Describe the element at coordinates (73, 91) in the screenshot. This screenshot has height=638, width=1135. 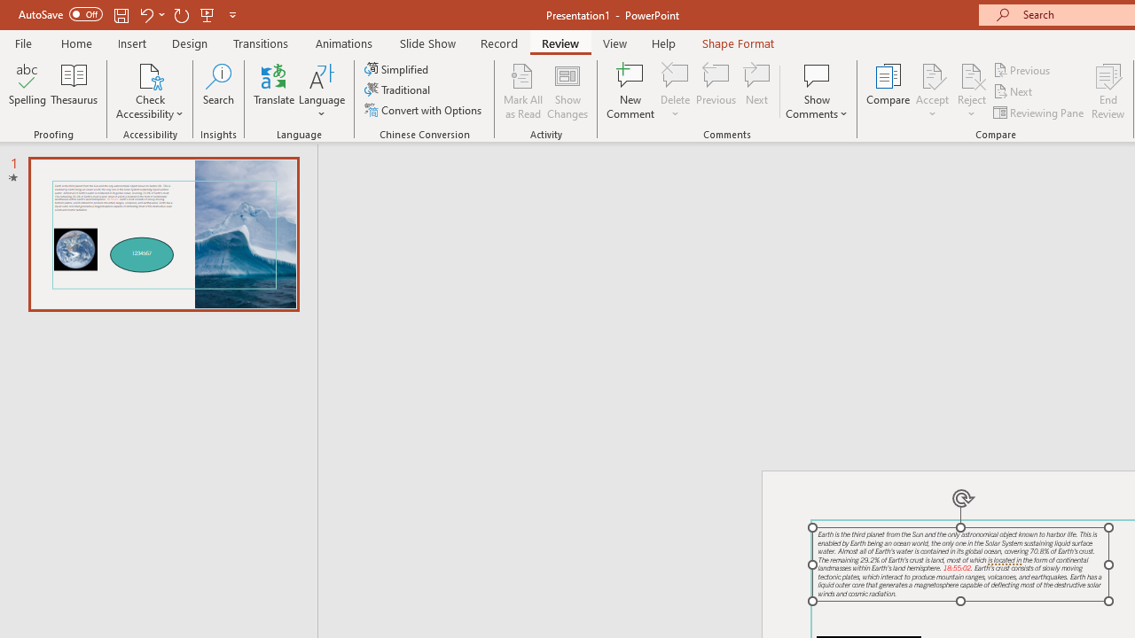
I see `'Thesaurus...'` at that location.